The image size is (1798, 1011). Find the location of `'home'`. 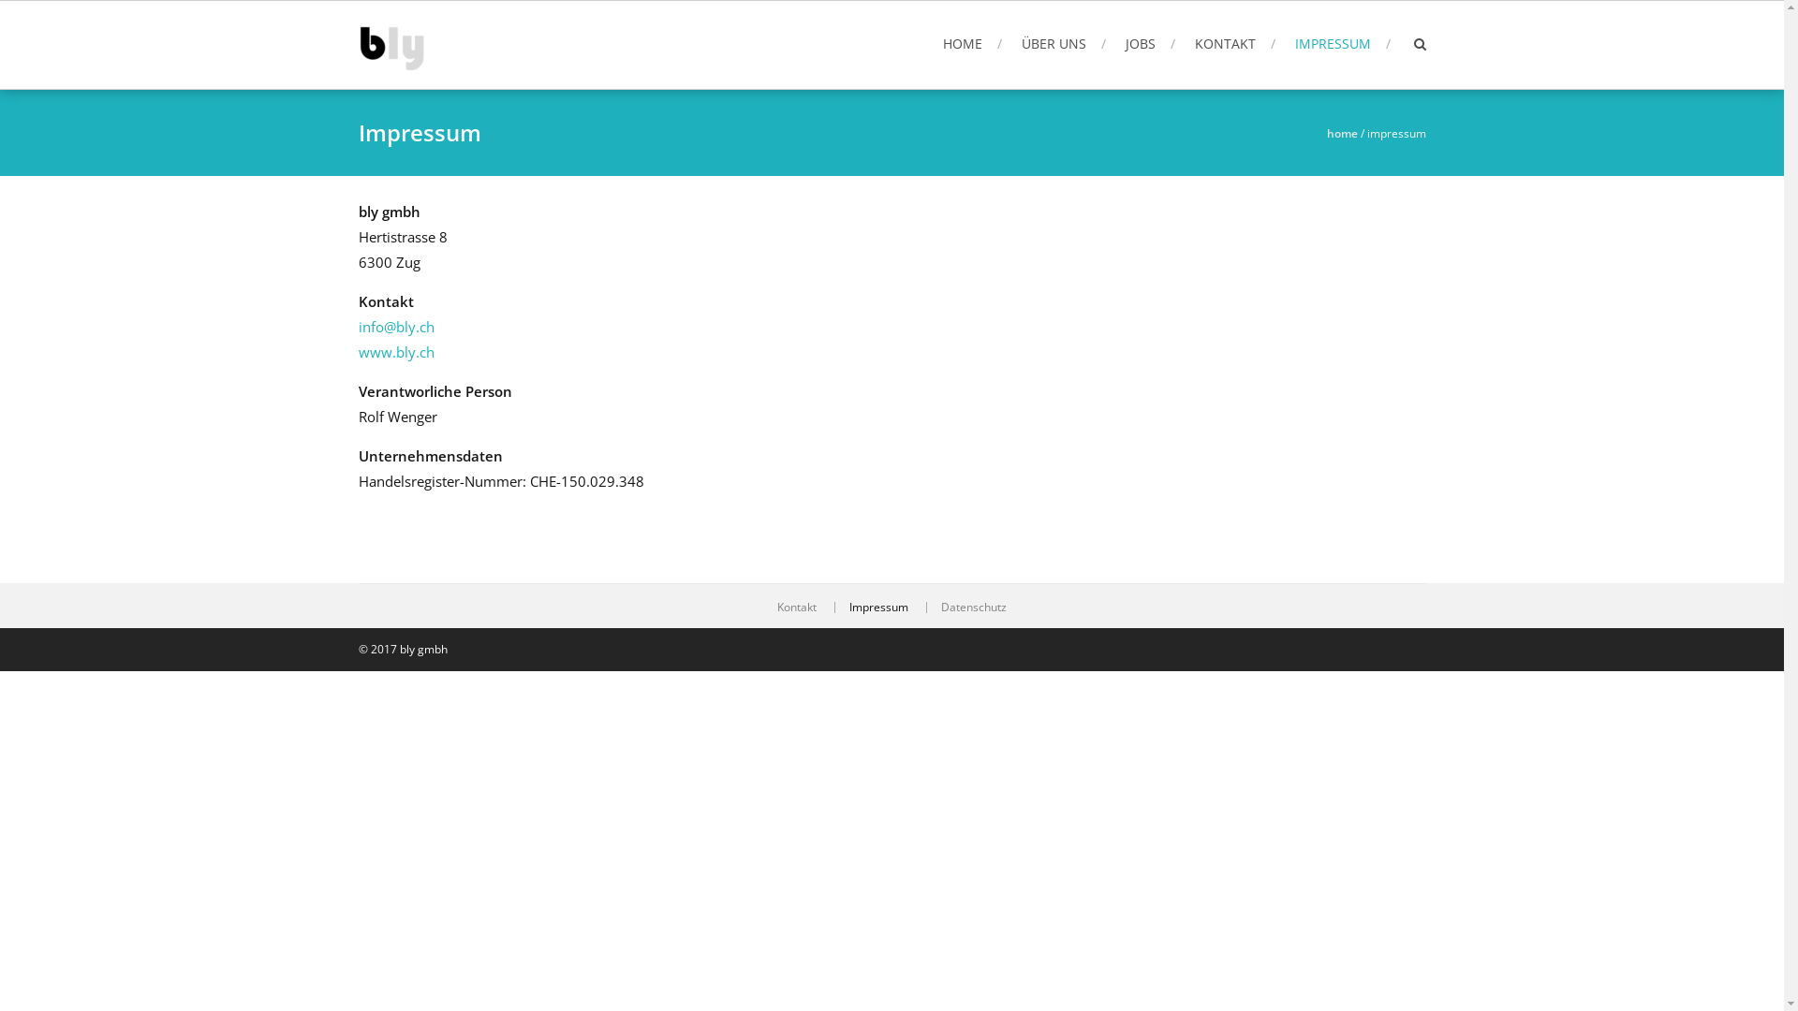

'home' is located at coordinates (1340, 132).